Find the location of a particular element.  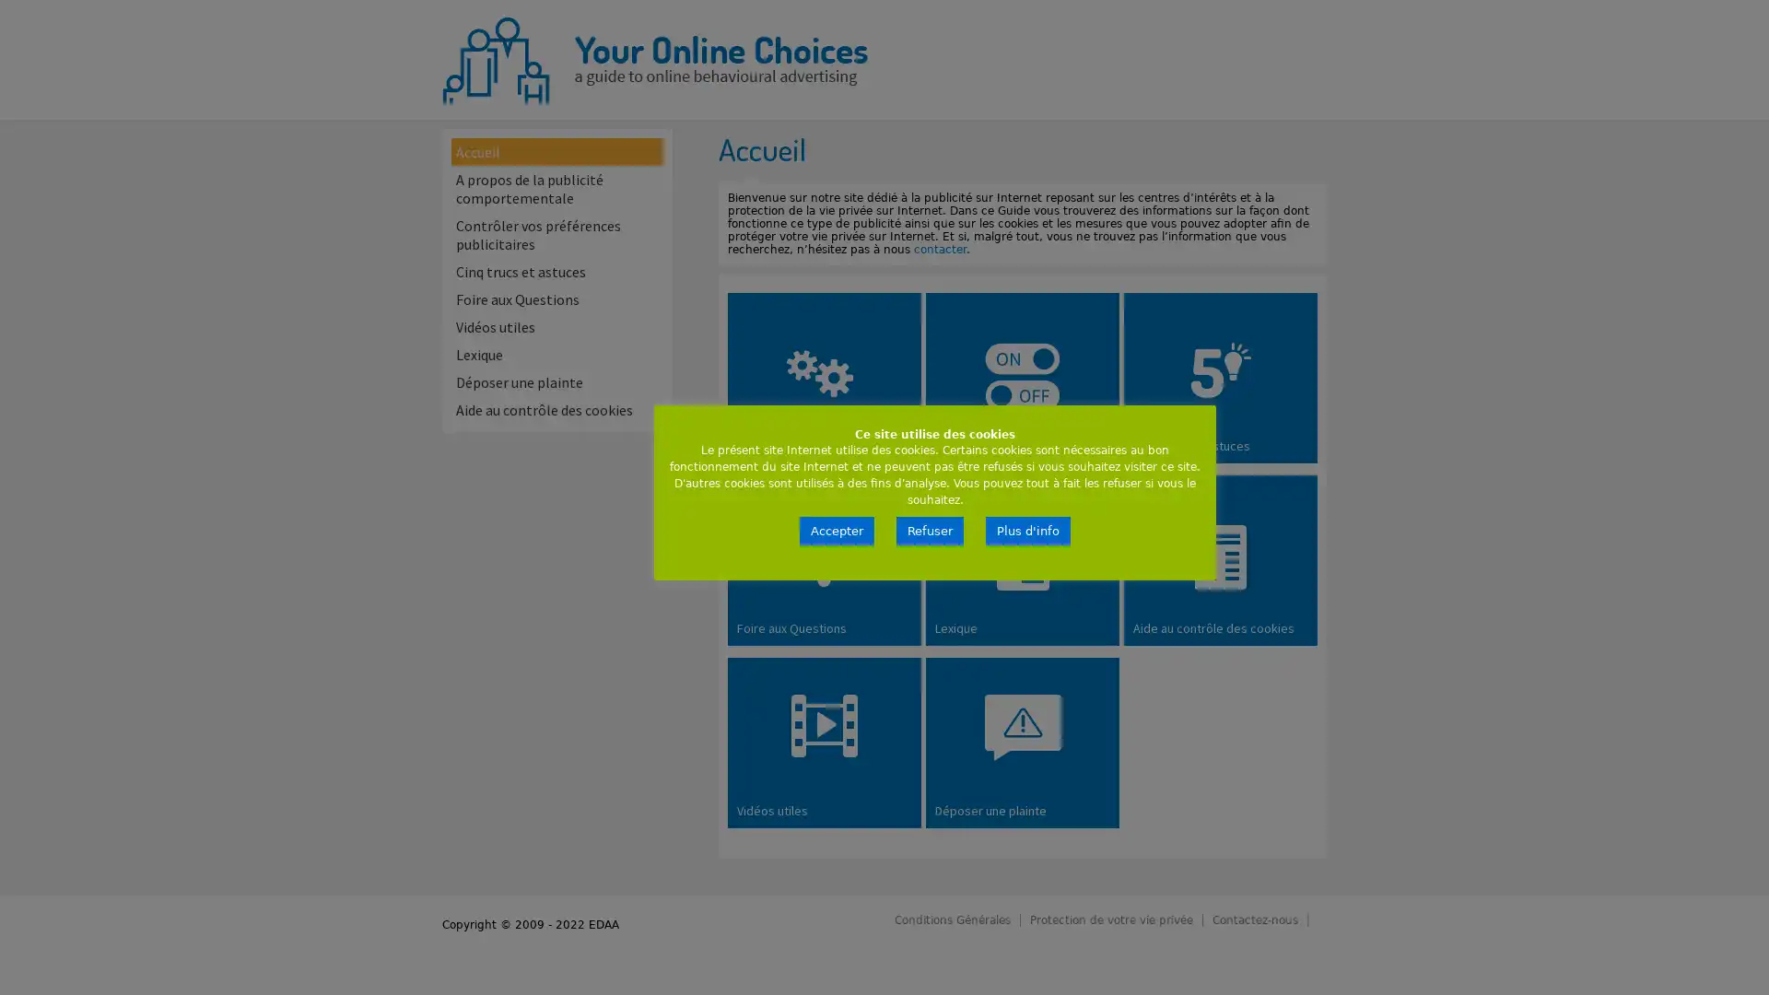

Refuser is located at coordinates (930, 531).